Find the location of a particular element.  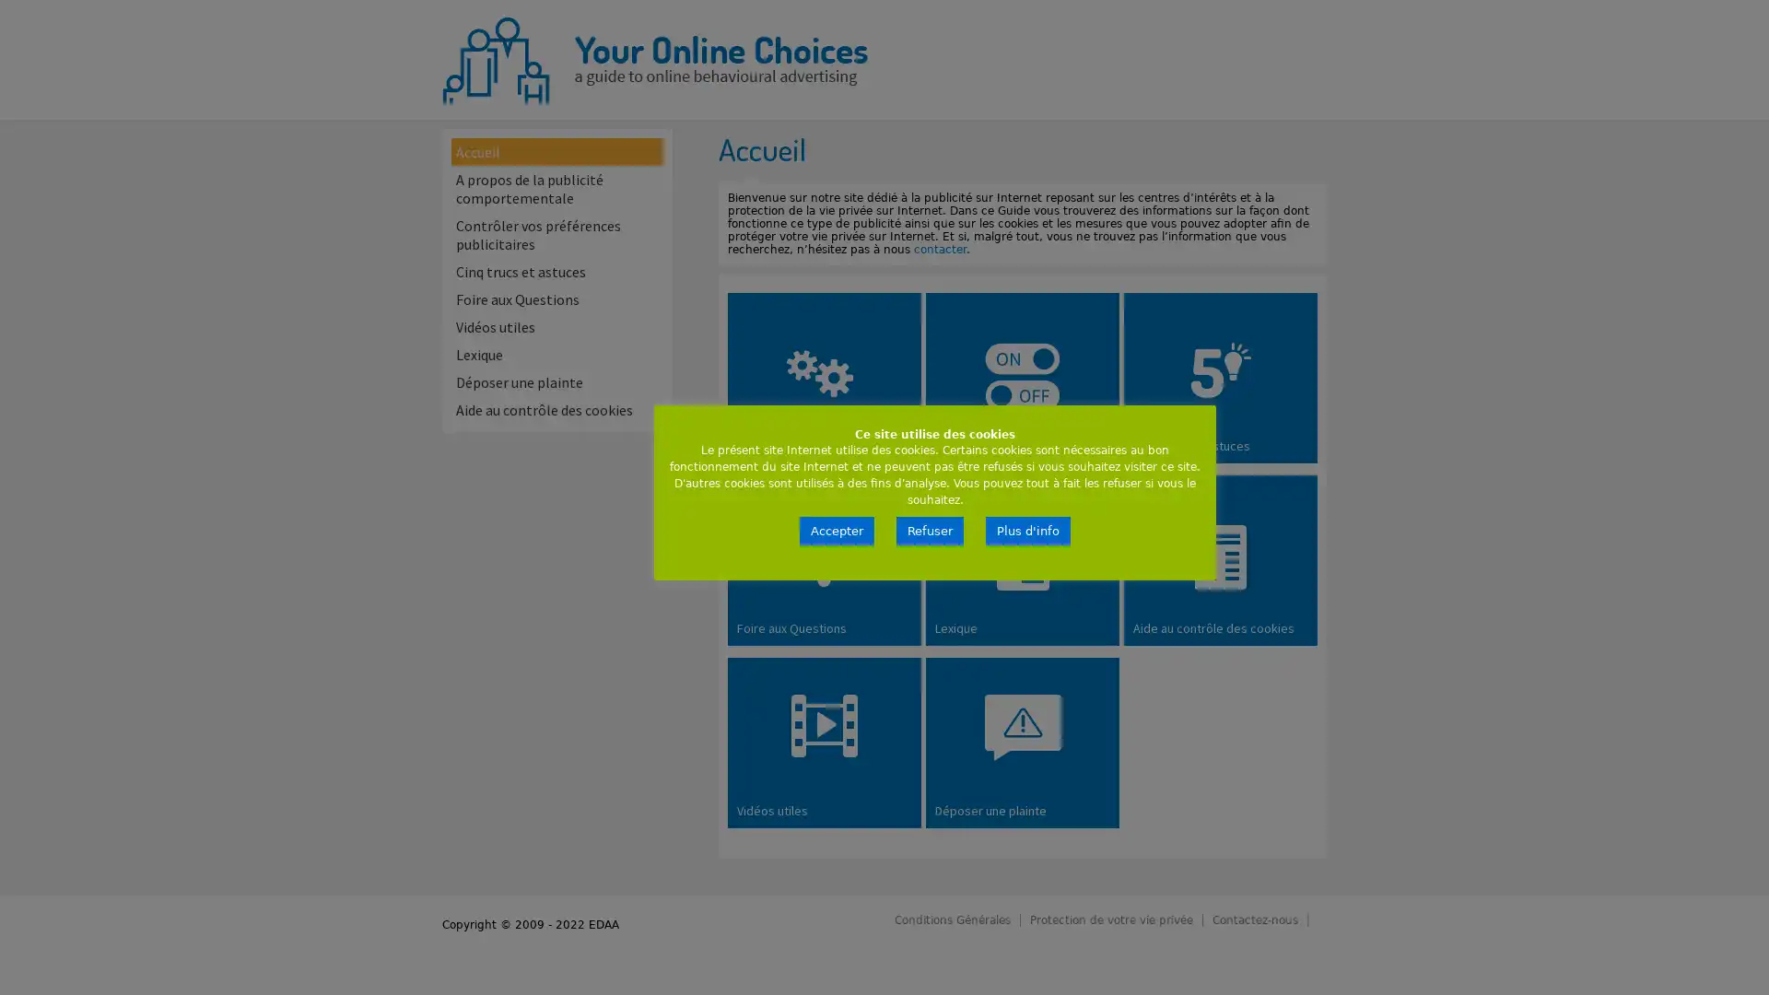

Refuser is located at coordinates (930, 531).